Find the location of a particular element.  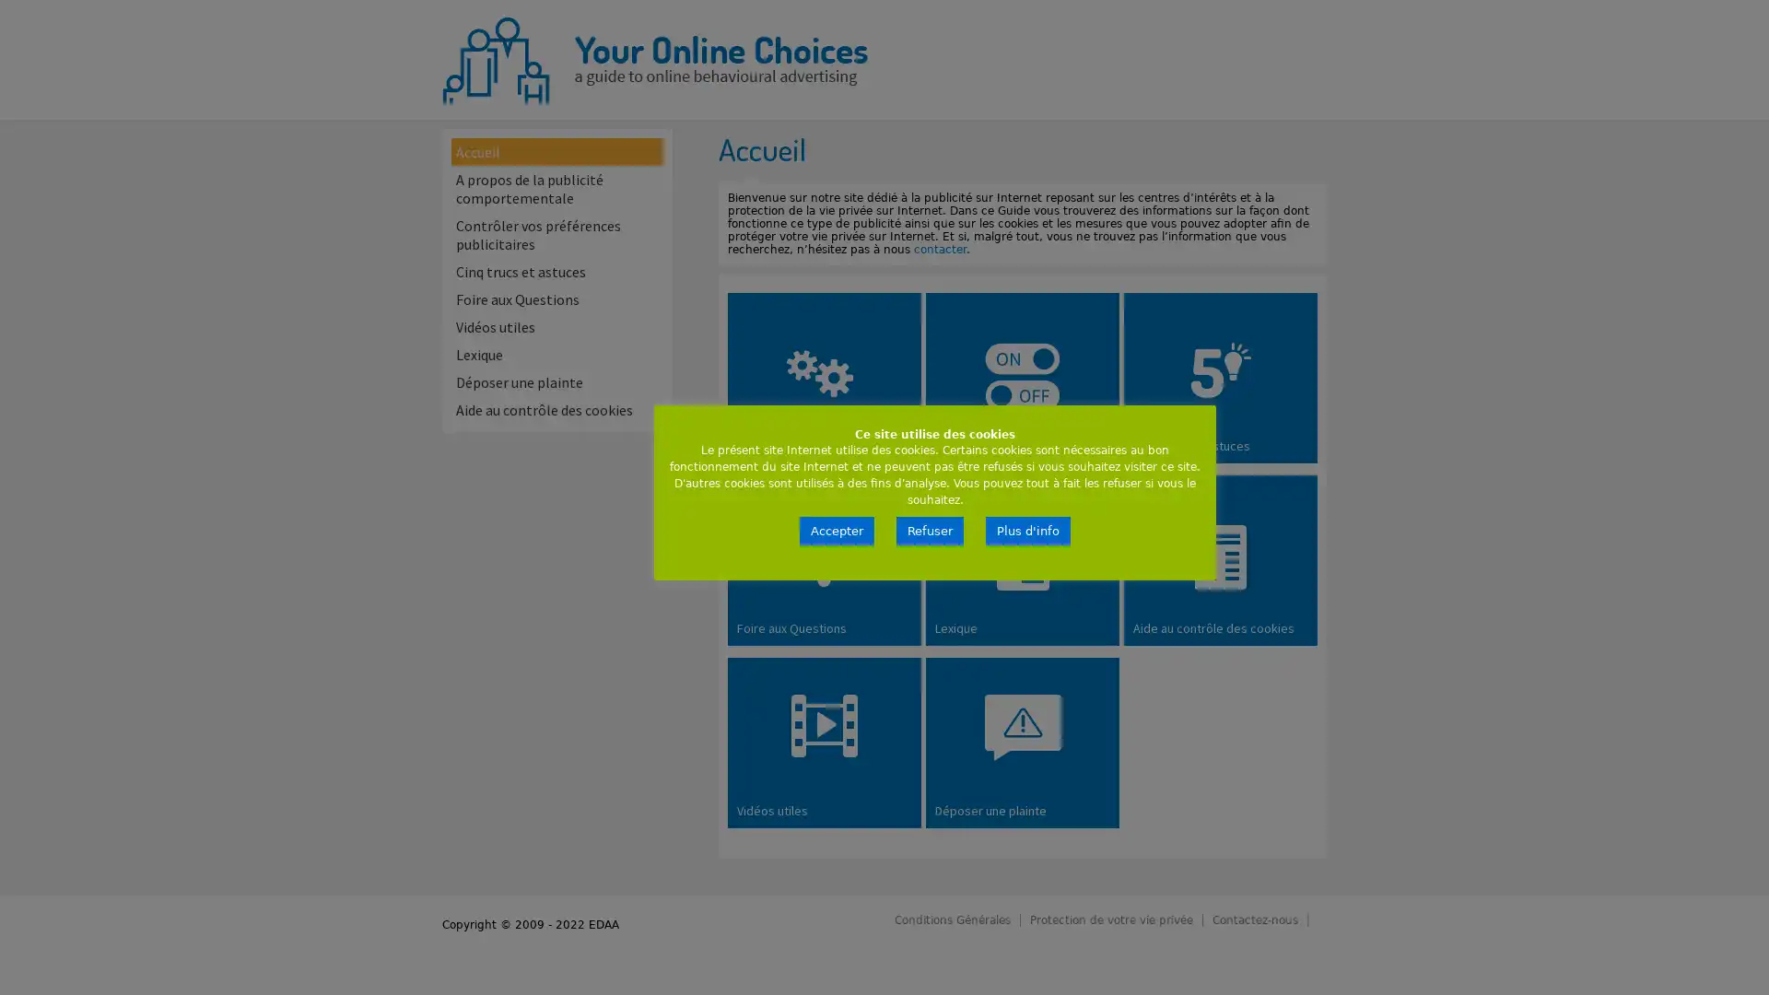

Refuser is located at coordinates (930, 531).